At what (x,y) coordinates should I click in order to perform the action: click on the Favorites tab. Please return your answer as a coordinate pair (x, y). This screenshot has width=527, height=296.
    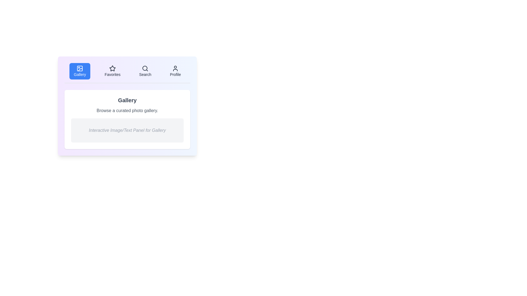
    Looking at the image, I should click on (112, 71).